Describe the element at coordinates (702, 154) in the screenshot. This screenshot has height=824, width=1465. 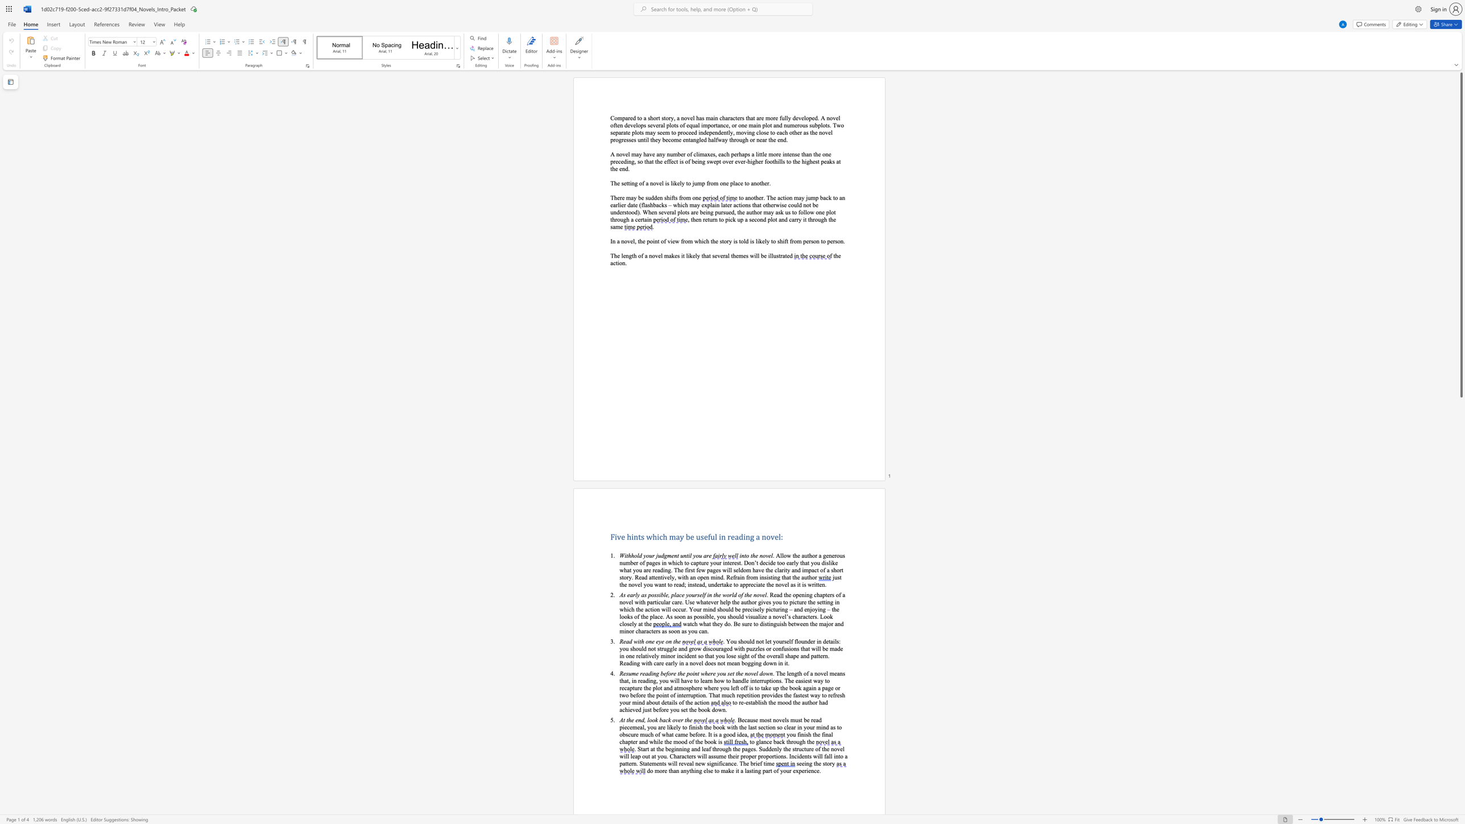
I see `the 3th character "m" in the text` at that location.